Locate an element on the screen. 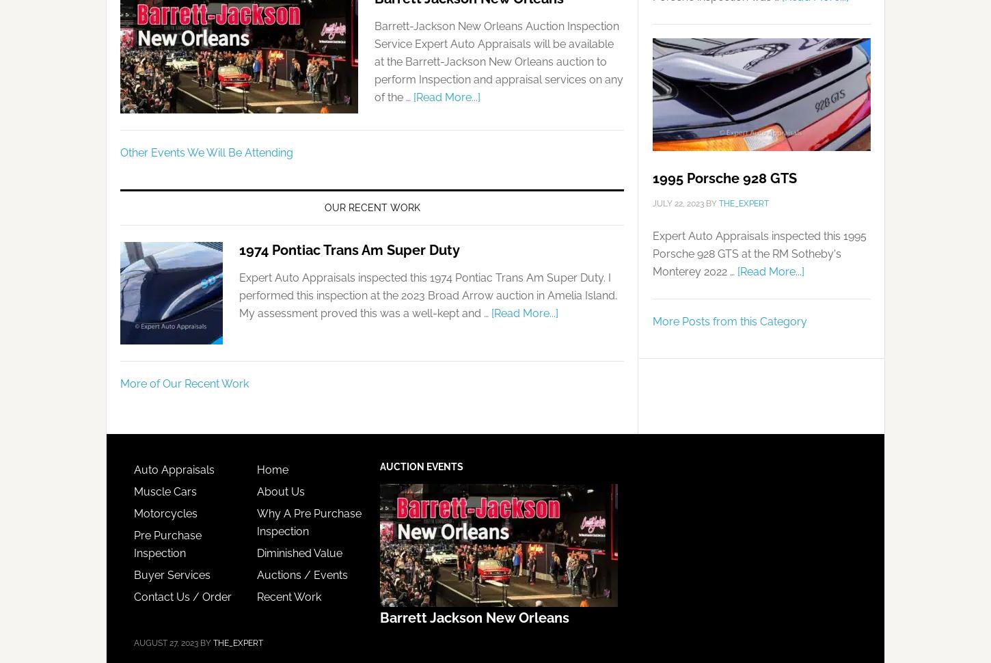  'Motorcycles' is located at coordinates (133, 512).